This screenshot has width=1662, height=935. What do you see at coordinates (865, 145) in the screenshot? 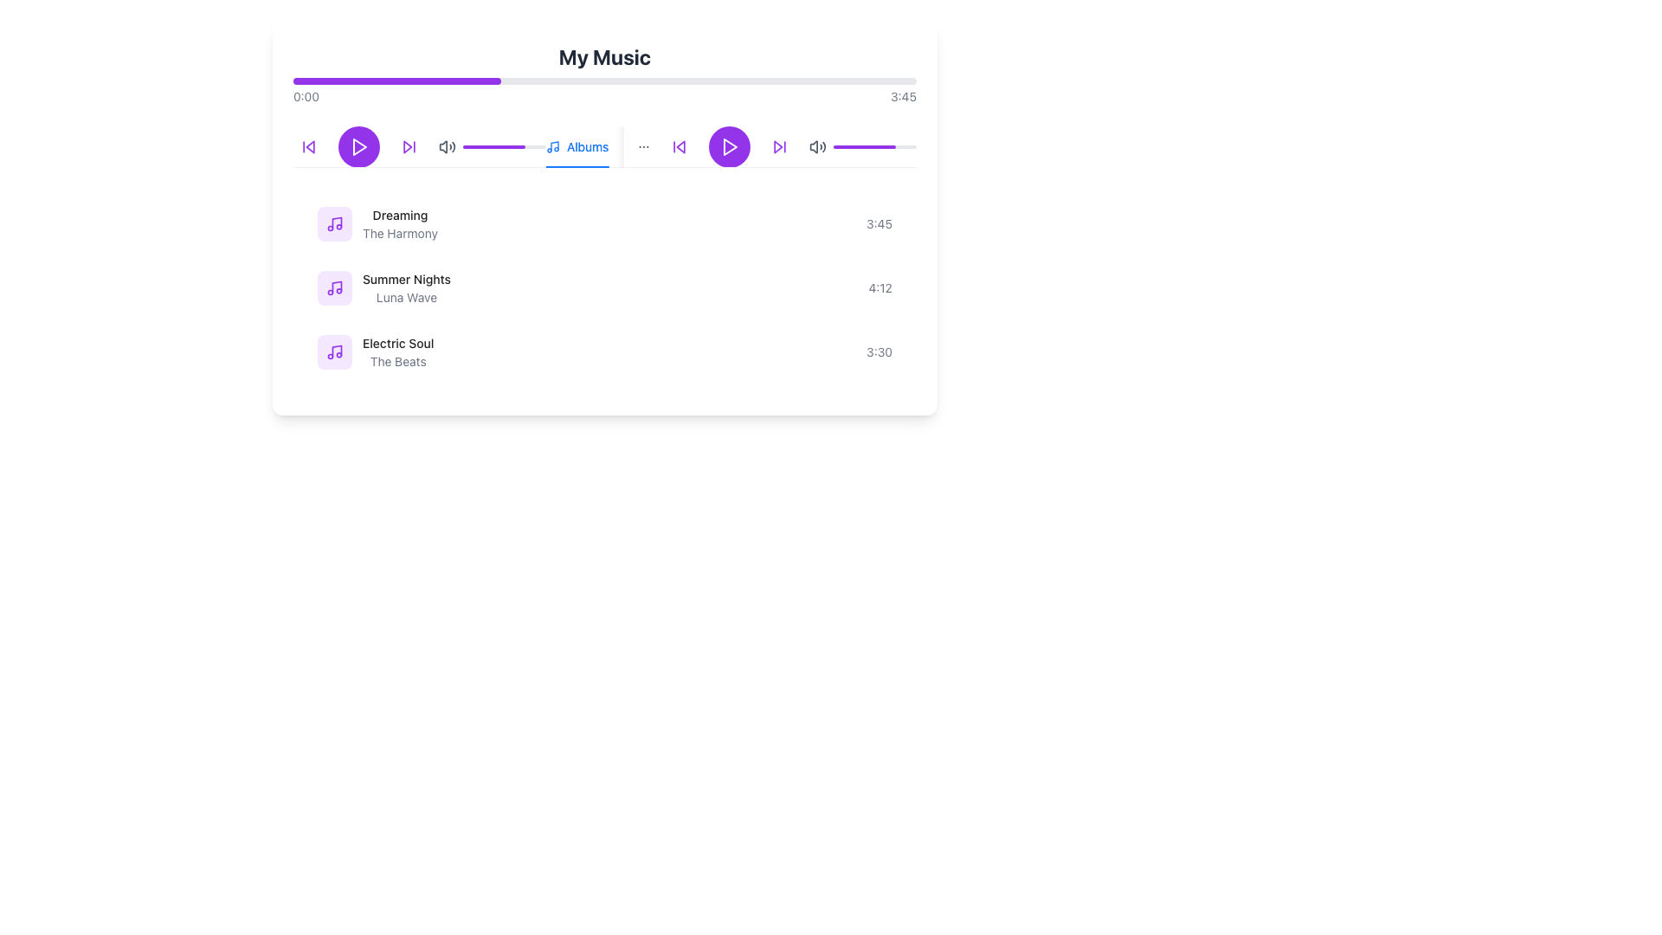
I see `volume` at bounding box center [865, 145].